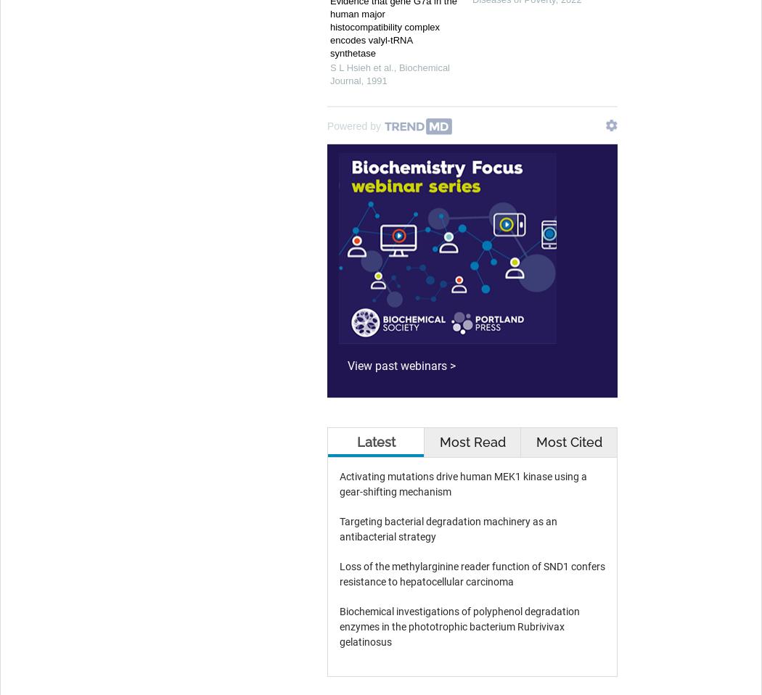  Describe the element at coordinates (353, 125) in the screenshot. I see `'Powered by'` at that location.